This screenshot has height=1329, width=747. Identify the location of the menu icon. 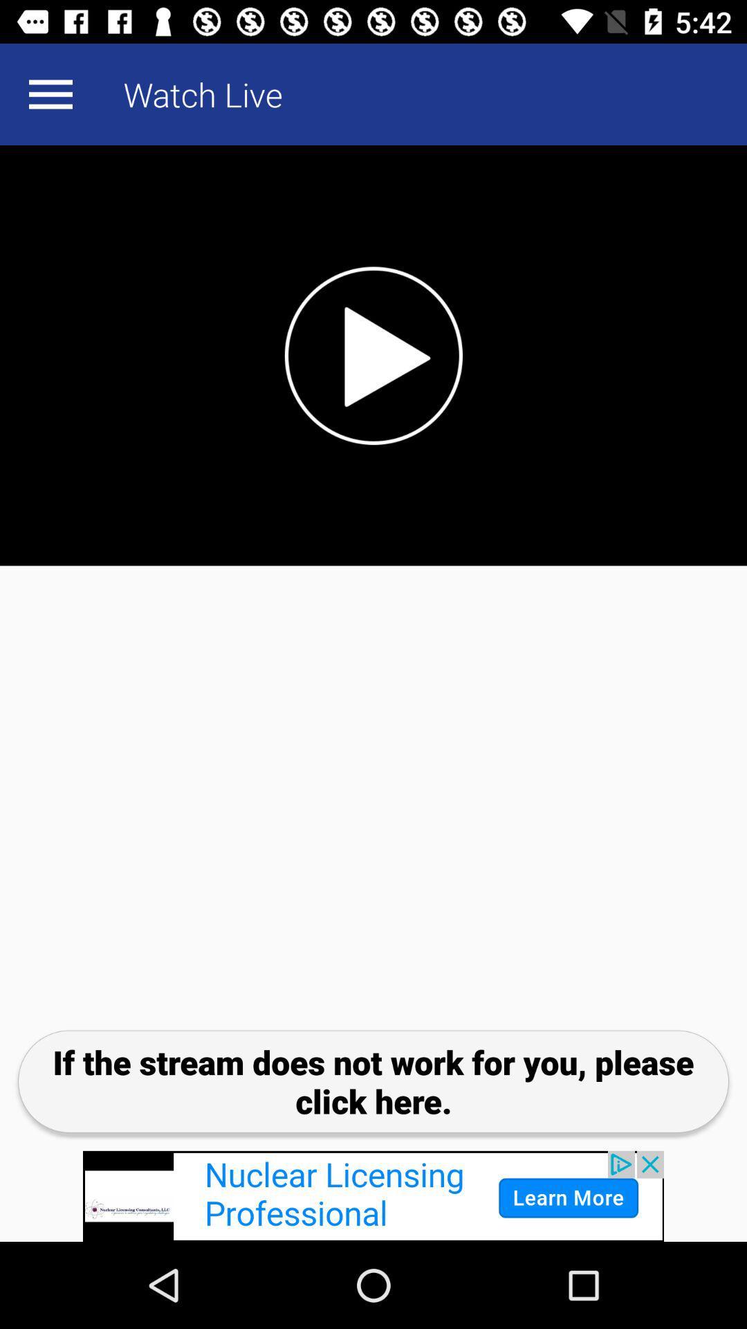
(50, 93).